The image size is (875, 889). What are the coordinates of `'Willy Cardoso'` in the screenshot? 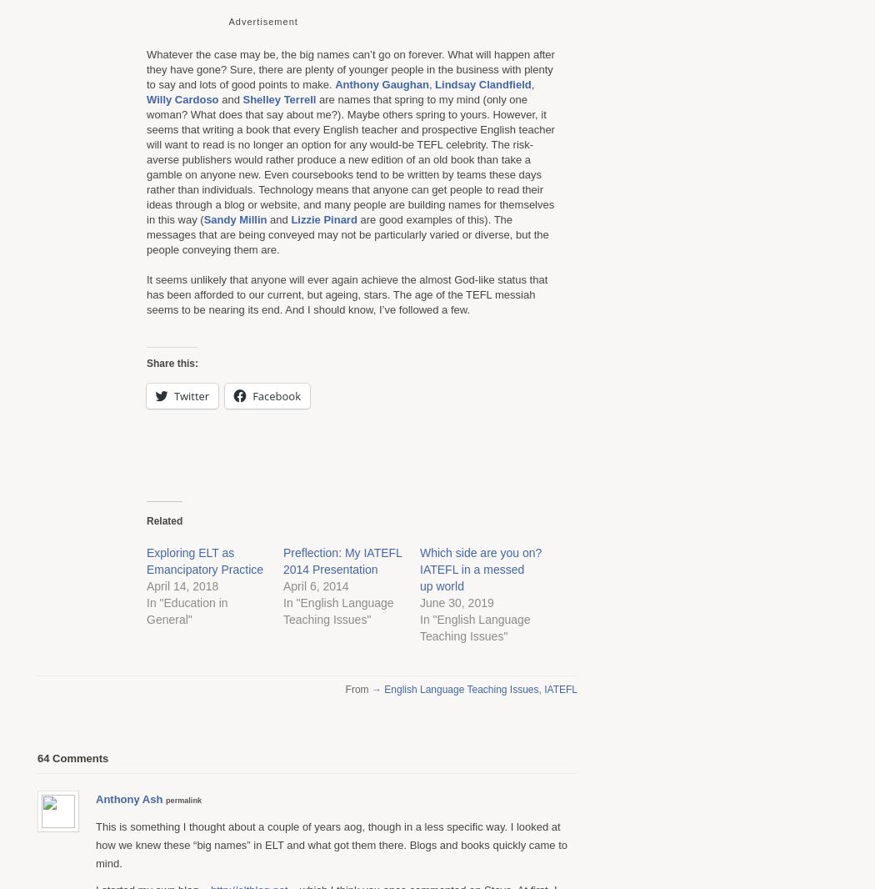 It's located at (182, 98).